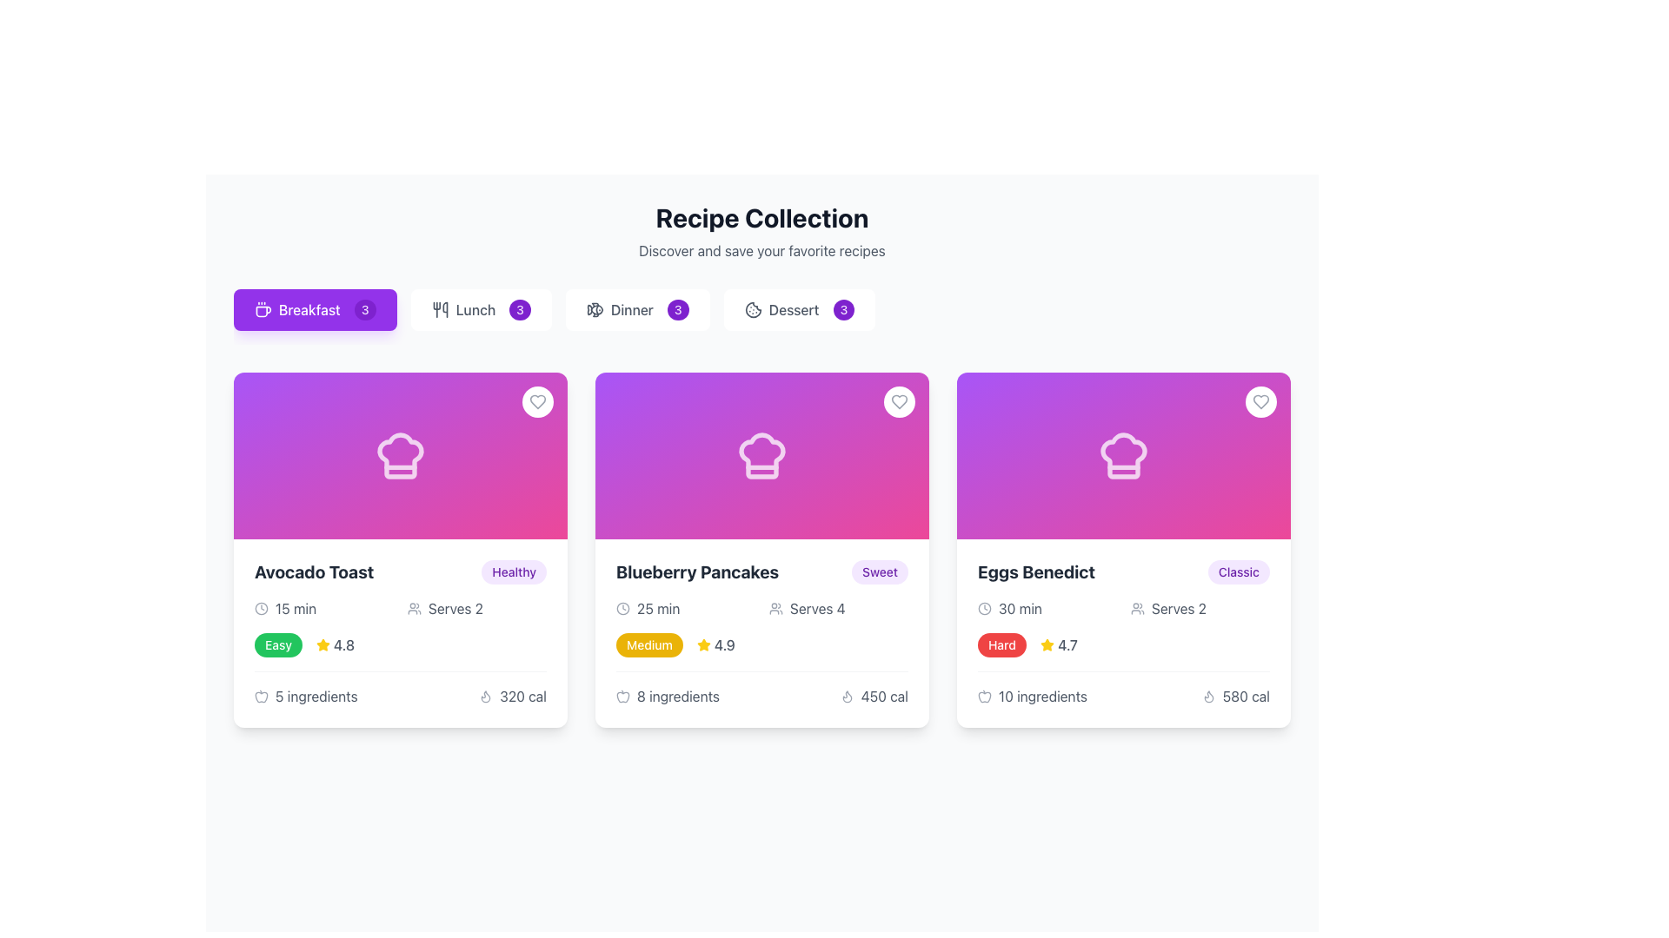 Image resolution: width=1669 pixels, height=938 pixels. What do you see at coordinates (762, 317) in the screenshot?
I see `the 'Dessert' recipes button, which is the fourth button in the group under the 'Recipe Collection' heading` at bounding box center [762, 317].